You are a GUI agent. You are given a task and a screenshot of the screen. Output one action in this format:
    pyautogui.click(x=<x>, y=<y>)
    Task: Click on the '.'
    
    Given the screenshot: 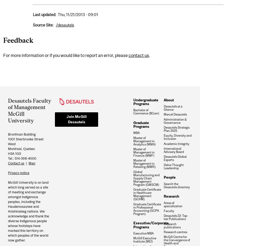 What is the action you would take?
    pyautogui.click(x=150, y=55)
    